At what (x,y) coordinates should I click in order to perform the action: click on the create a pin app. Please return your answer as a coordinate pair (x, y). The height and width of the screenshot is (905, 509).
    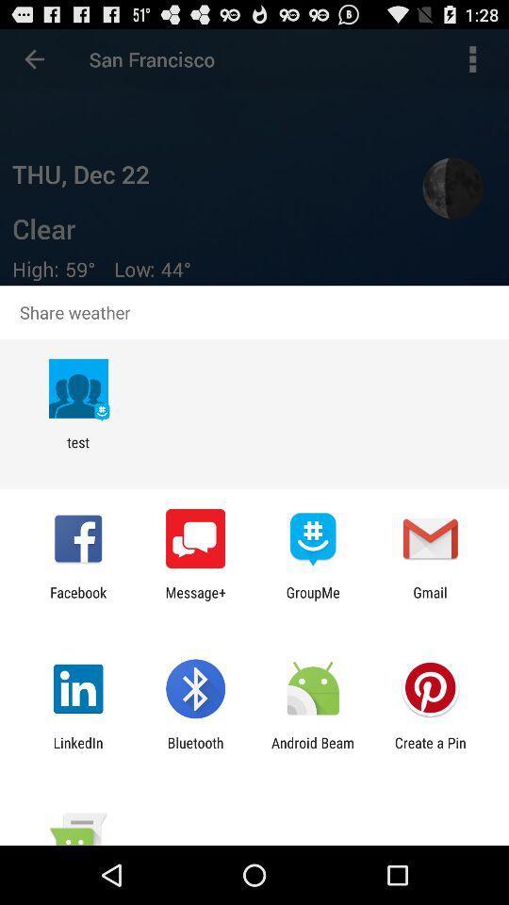
    Looking at the image, I should click on (430, 750).